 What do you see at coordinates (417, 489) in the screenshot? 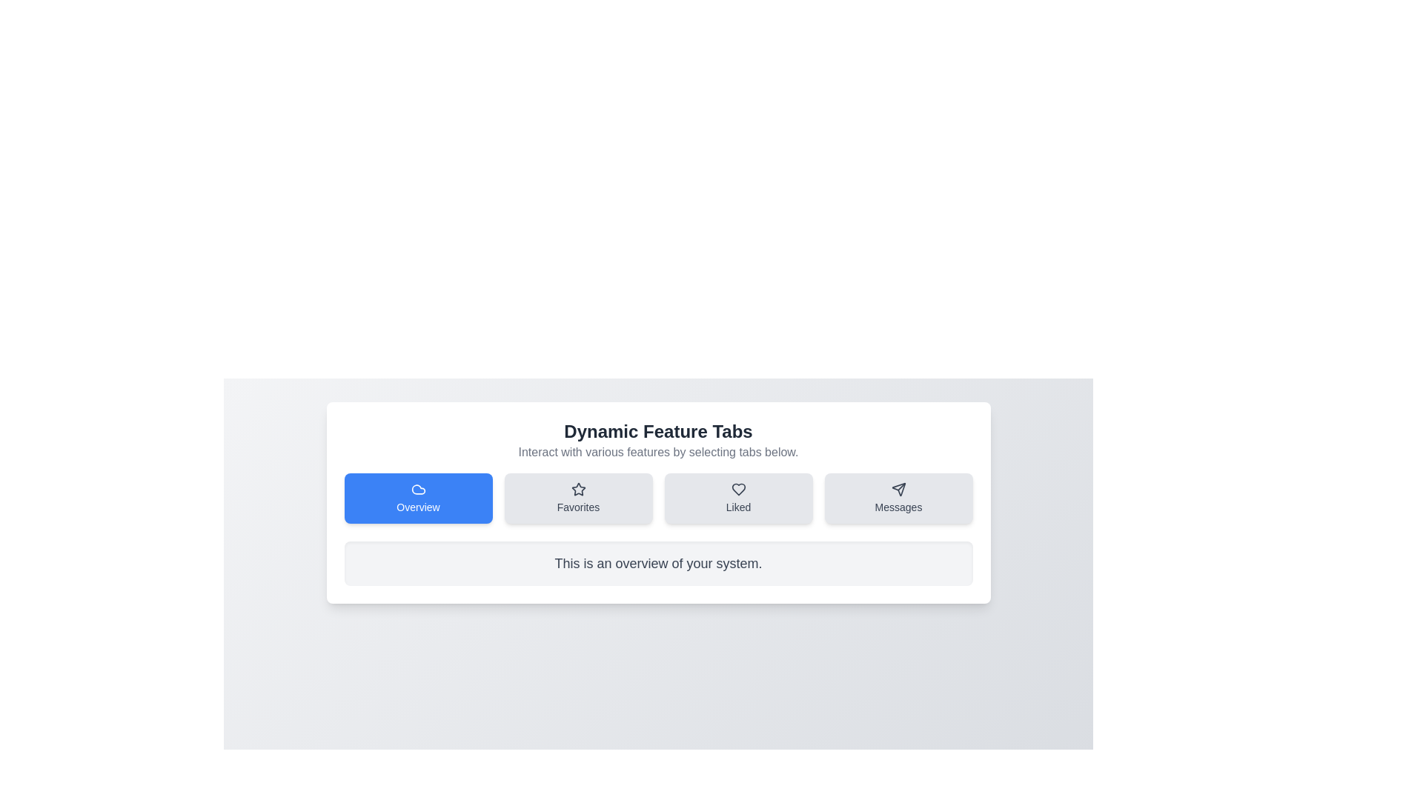
I see `the small blue cloud-like icon located above the 'Overview' text on the blue rectangular button in the navigation bar` at bounding box center [417, 489].